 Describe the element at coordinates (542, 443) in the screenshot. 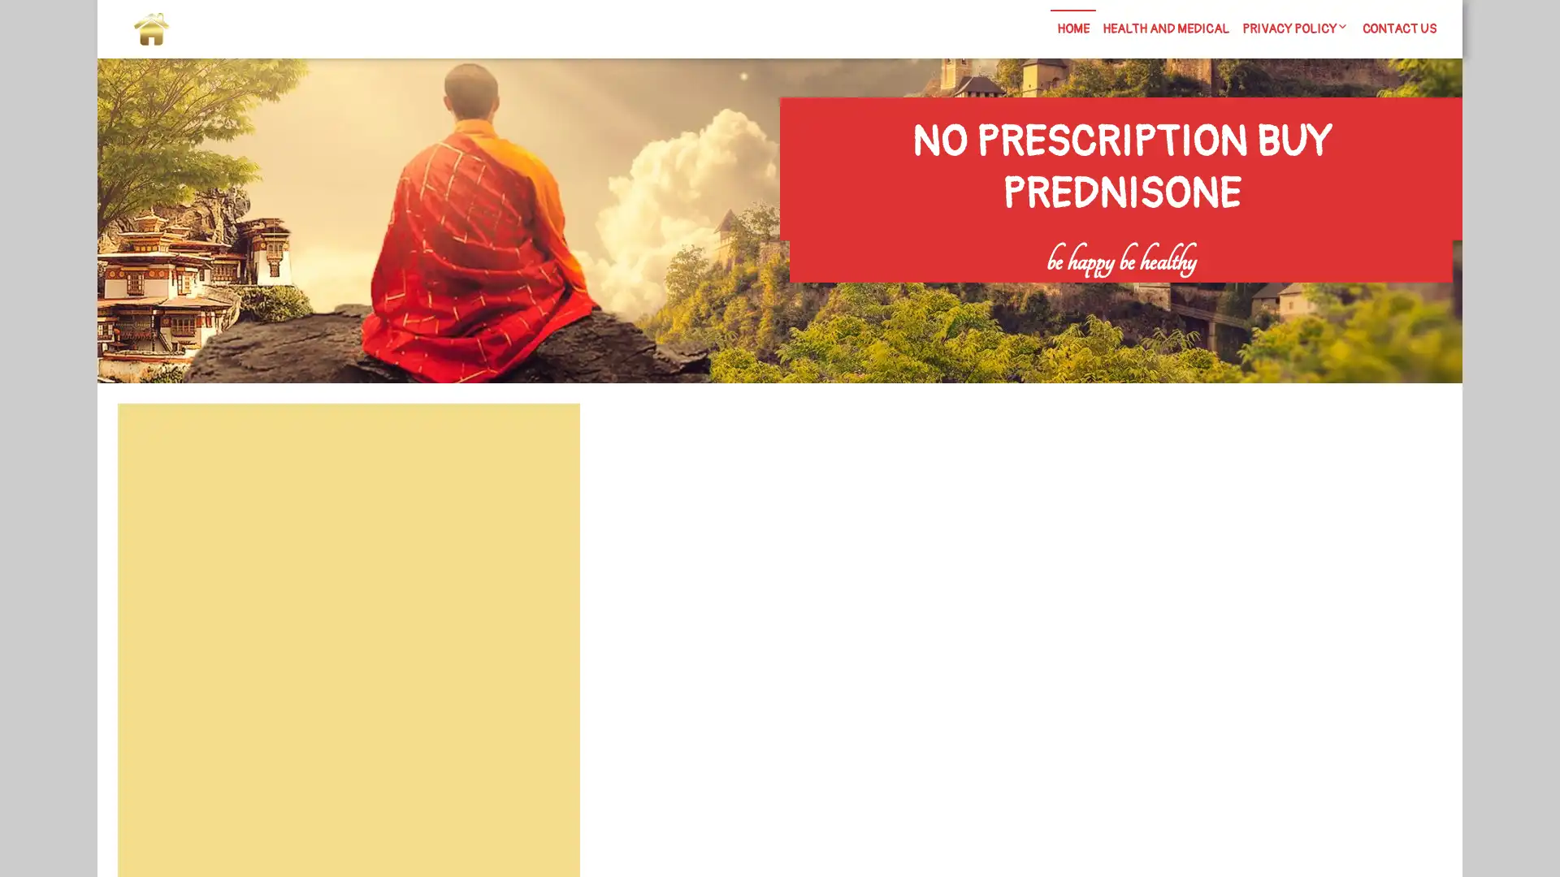

I see `Search` at that location.